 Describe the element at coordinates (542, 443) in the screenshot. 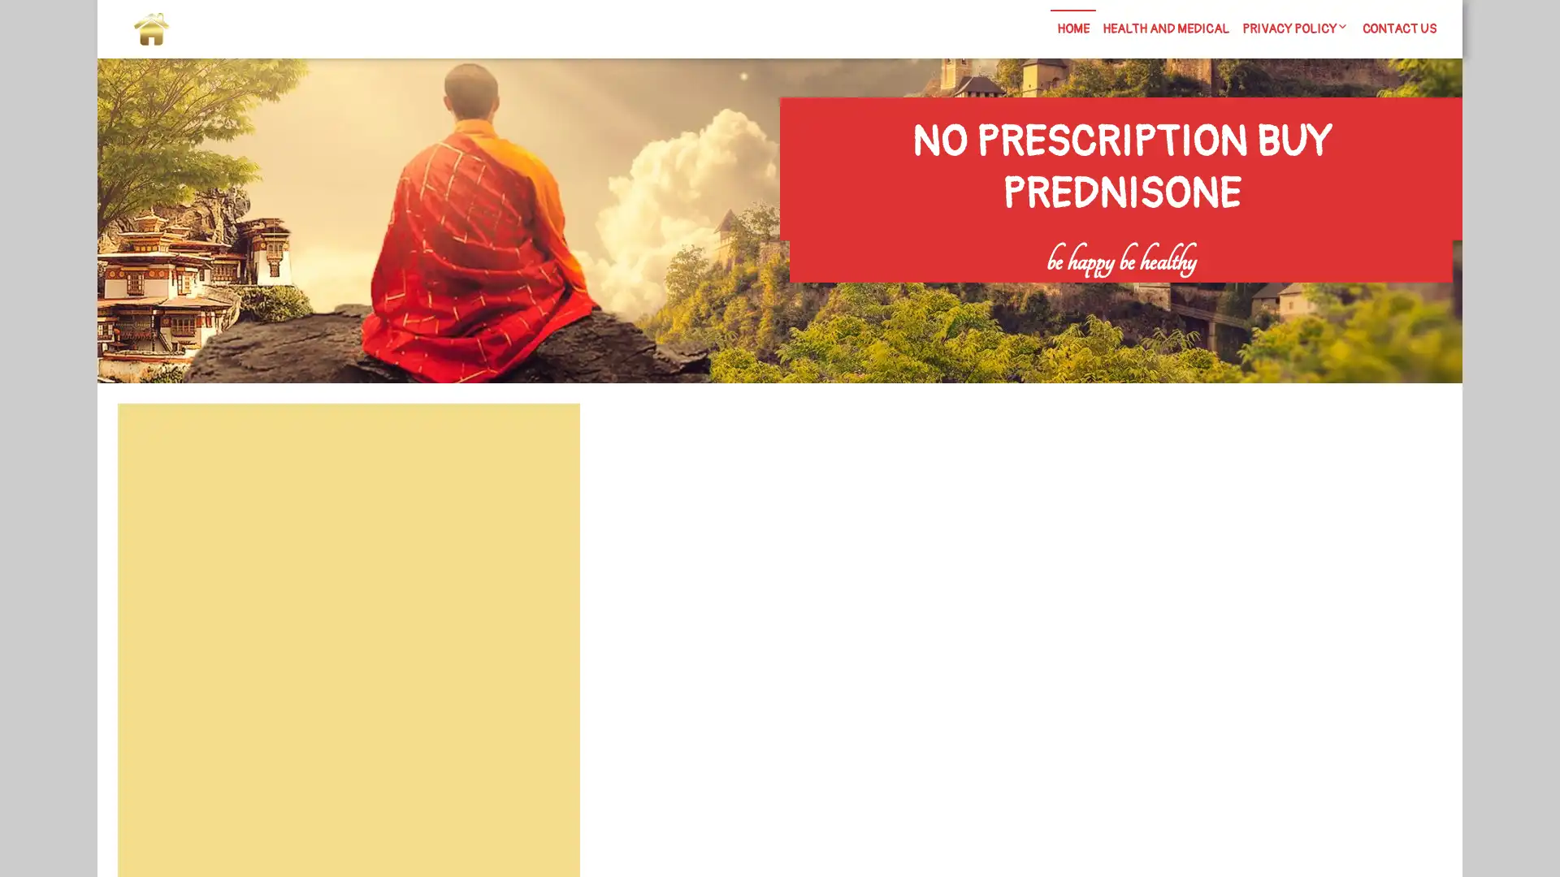

I see `Search` at that location.